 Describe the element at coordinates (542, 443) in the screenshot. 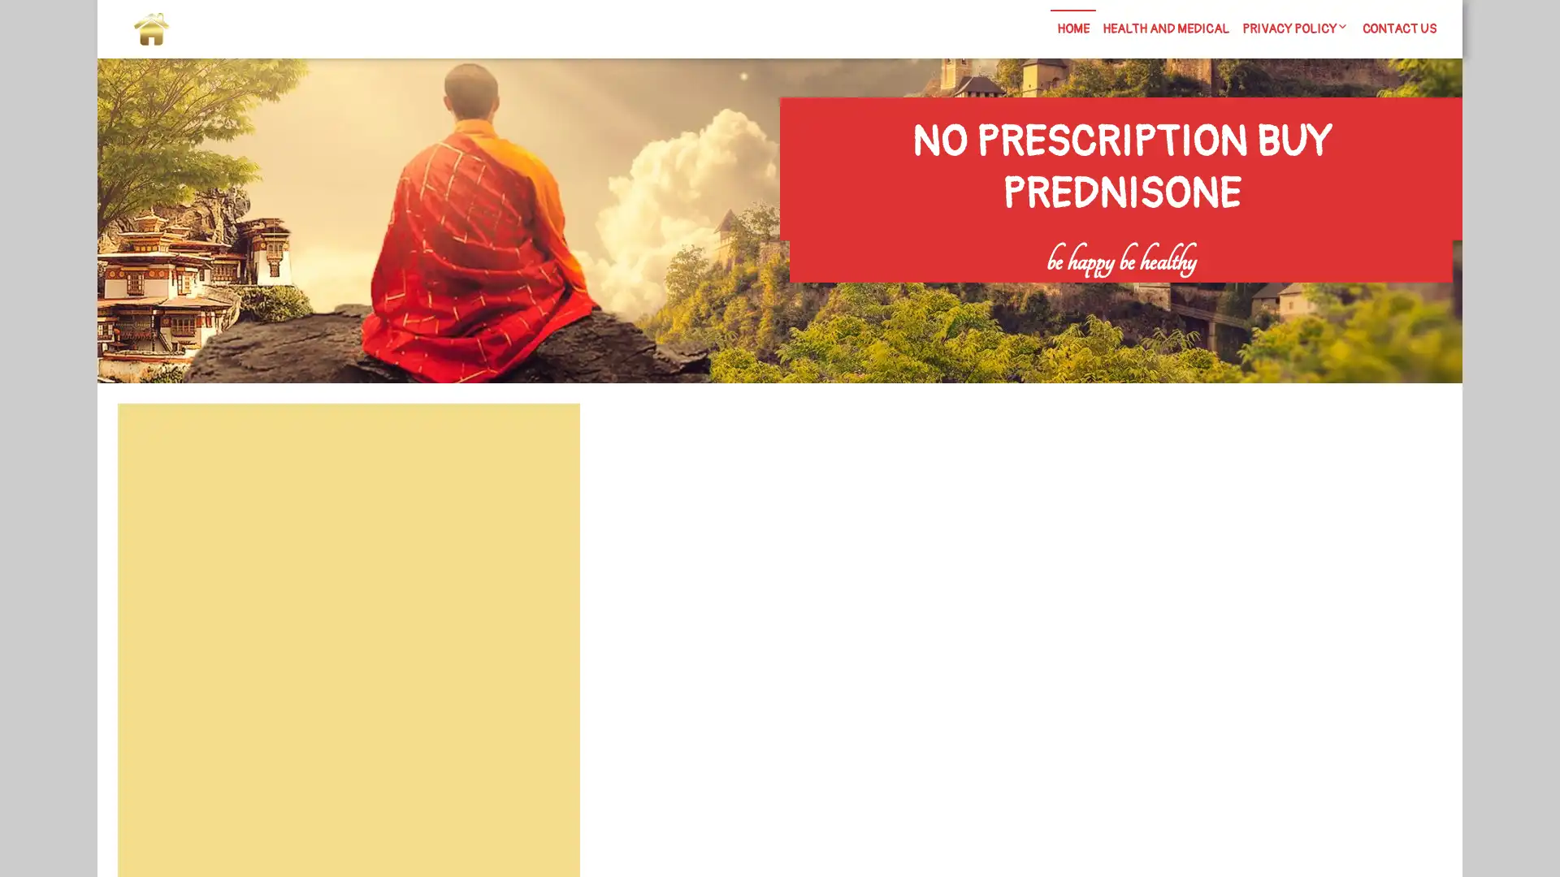

I see `Search` at that location.